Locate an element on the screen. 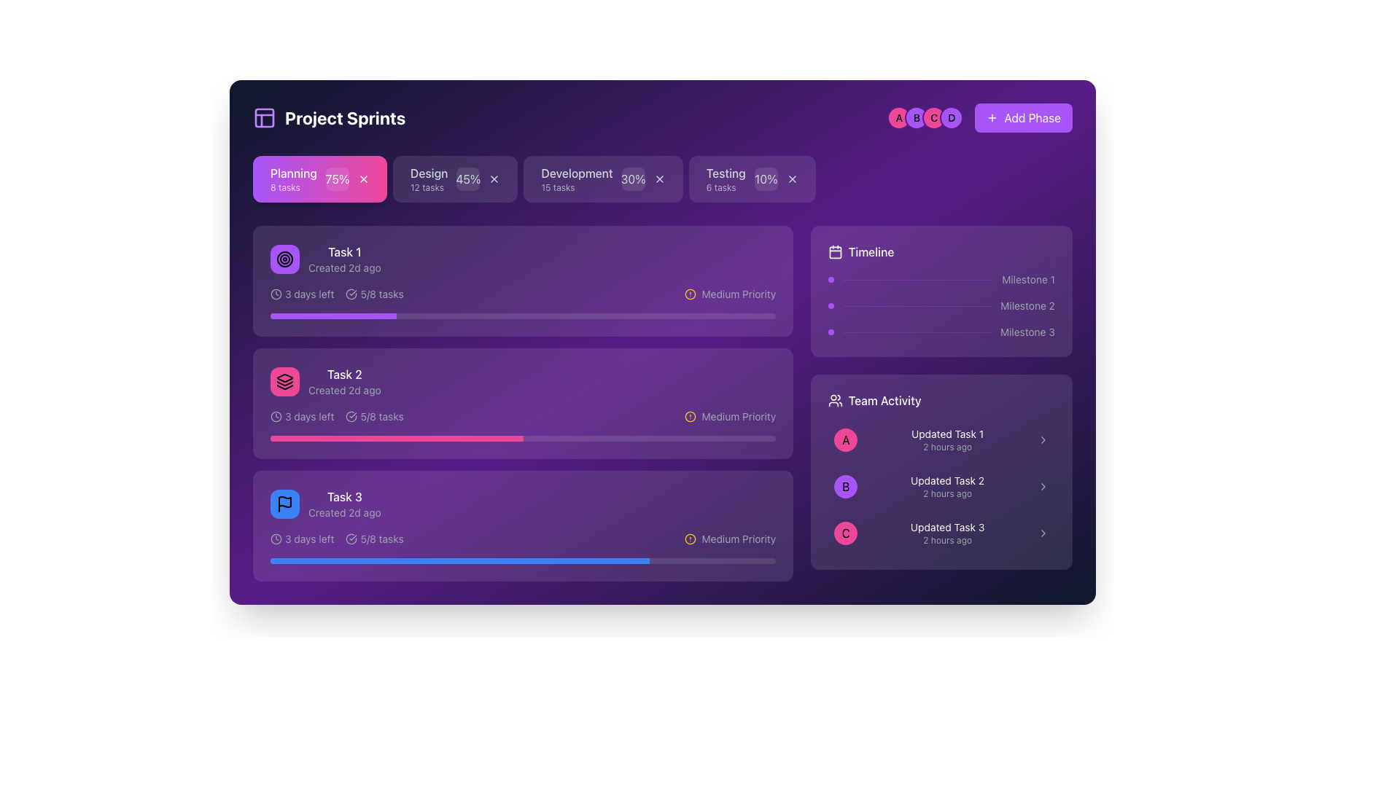 The image size is (1400, 787). the small, circular button with a solid purple background featuring the letter 'B' in bold, black text at its center, located in the middle of the 'Team Activity' section is located at coordinates (846, 486).